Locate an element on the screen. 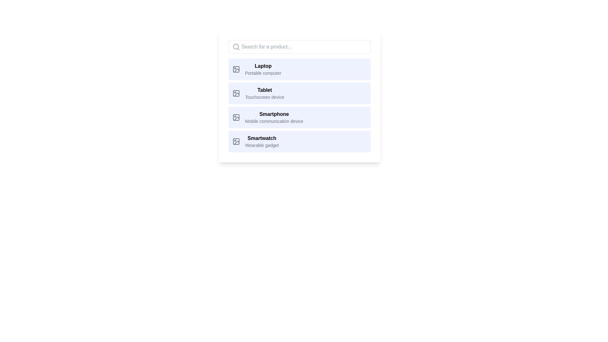  the Laptop icon located to the left of the 'Laptop' text in the first row of the vertically-listed group of items is located at coordinates (236, 69).